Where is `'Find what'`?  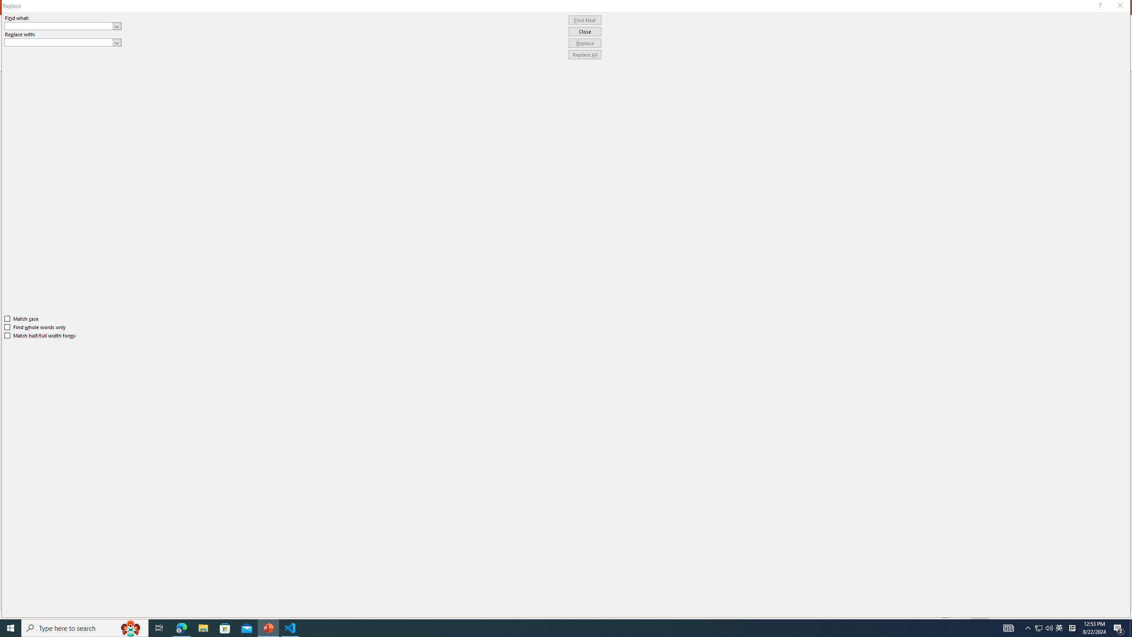
'Find what' is located at coordinates (59, 26).